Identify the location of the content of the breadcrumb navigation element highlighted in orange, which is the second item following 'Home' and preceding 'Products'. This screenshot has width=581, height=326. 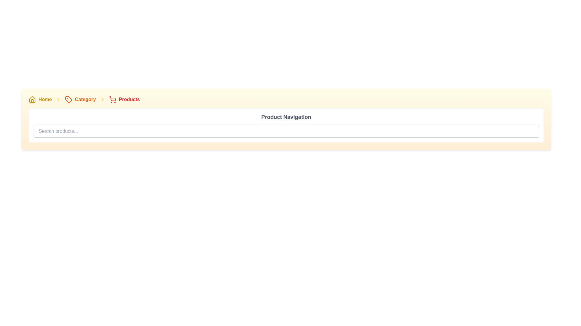
(80, 99).